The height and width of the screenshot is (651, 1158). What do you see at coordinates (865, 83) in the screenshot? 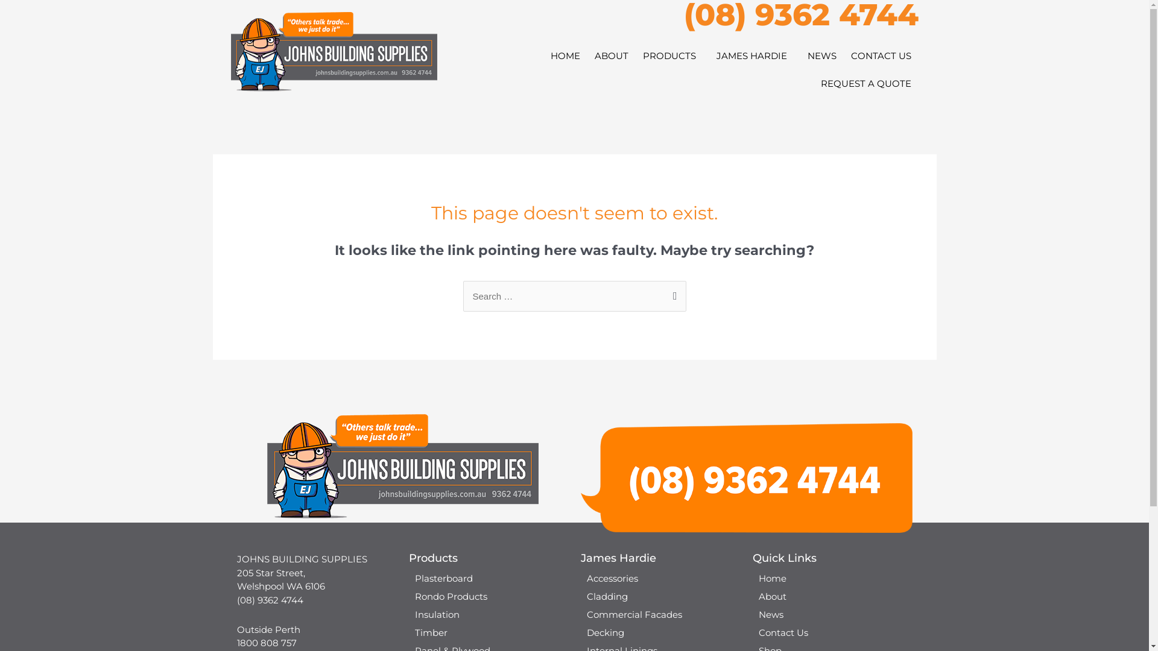
I see `'REQUEST A QUOTE'` at bounding box center [865, 83].